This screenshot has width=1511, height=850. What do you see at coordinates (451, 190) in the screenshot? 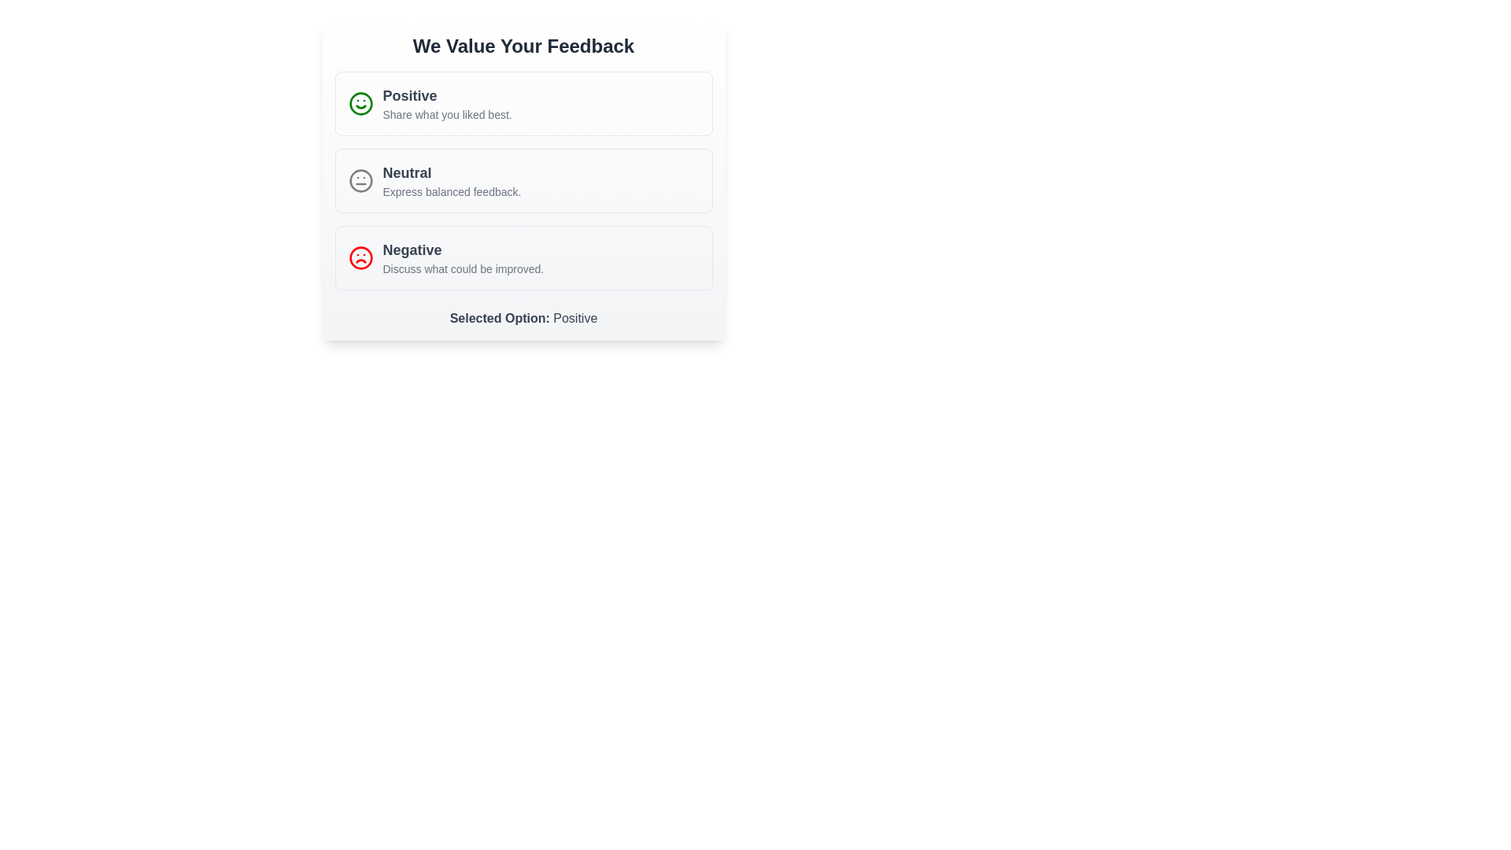
I see `text block that contains 'Express balanced feedback.' which is styled in a small, light gray font and positioned below the larger text 'Neutral'` at bounding box center [451, 190].